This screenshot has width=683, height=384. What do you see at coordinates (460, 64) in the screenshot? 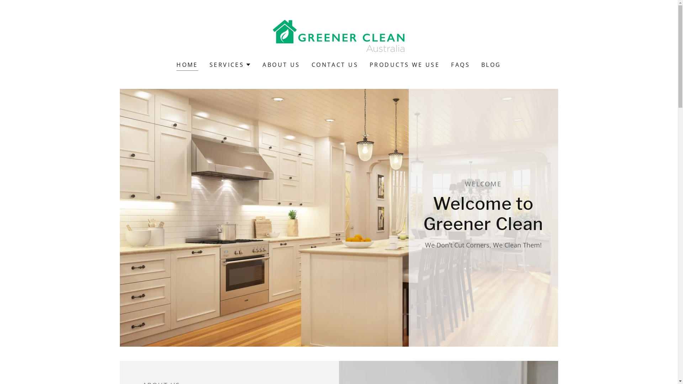
I see `'FAQS'` at bounding box center [460, 64].